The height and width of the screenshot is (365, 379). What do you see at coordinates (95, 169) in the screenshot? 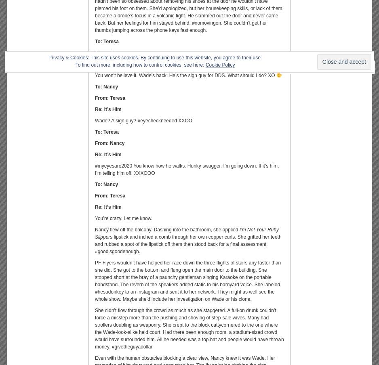
I see `'#myeyesare2020 You know how he walks. Hunky swagger. I’m going down. If it’s him, I’m telling him off. XXXOOO'` at bounding box center [95, 169].